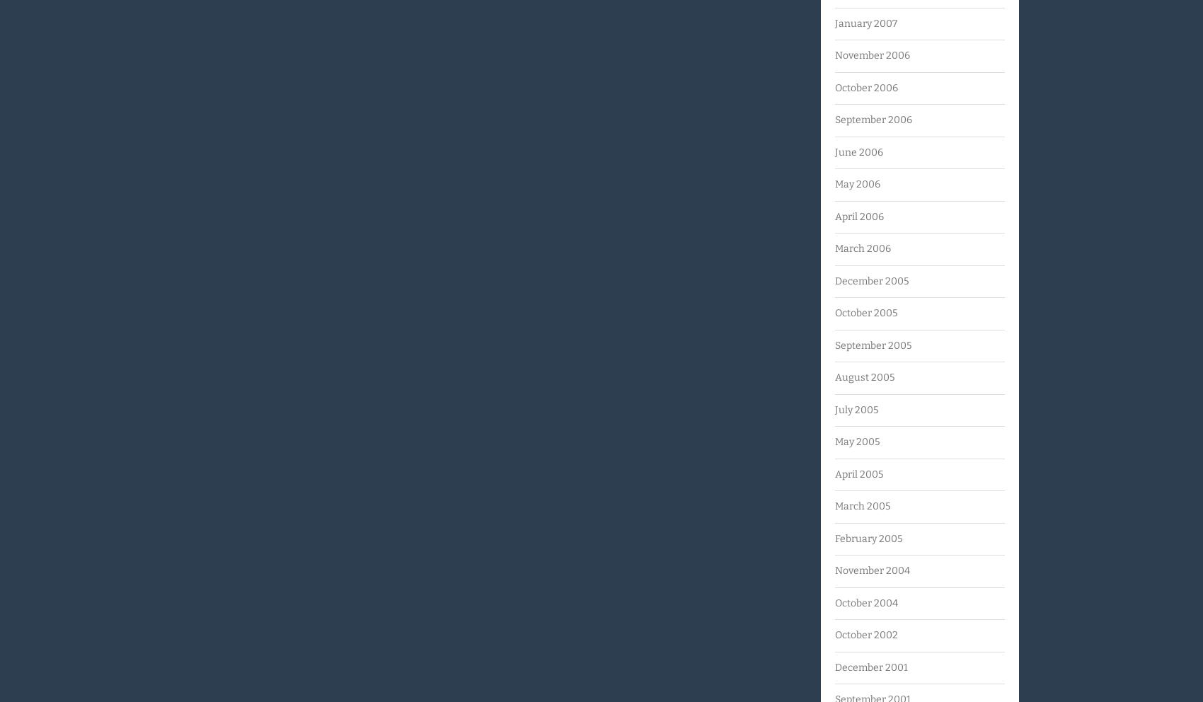 This screenshot has width=1203, height=702. Describe the element at coordinates (865, 22) in the screenshot. I see `'January 2007'` at that location.